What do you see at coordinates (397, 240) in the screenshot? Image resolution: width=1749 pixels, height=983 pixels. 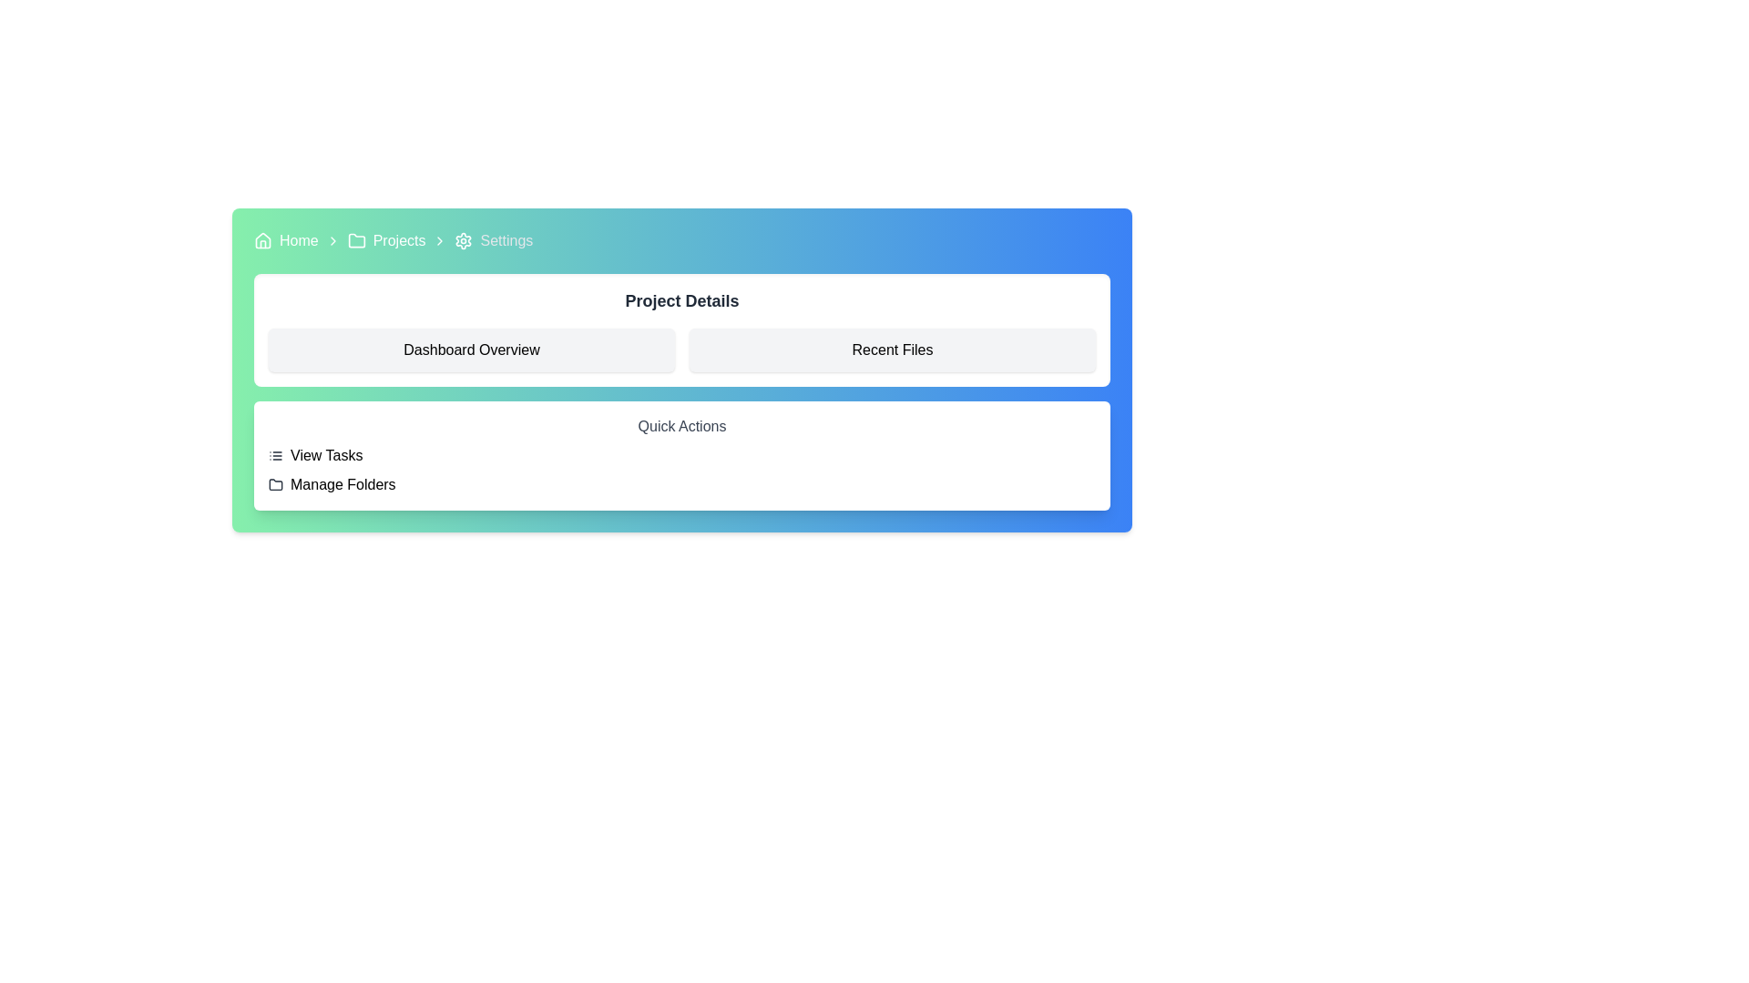 I see `the 'Projects' navigation label, which is the second text item in the navigation bar` at bounding box center [397, 240].